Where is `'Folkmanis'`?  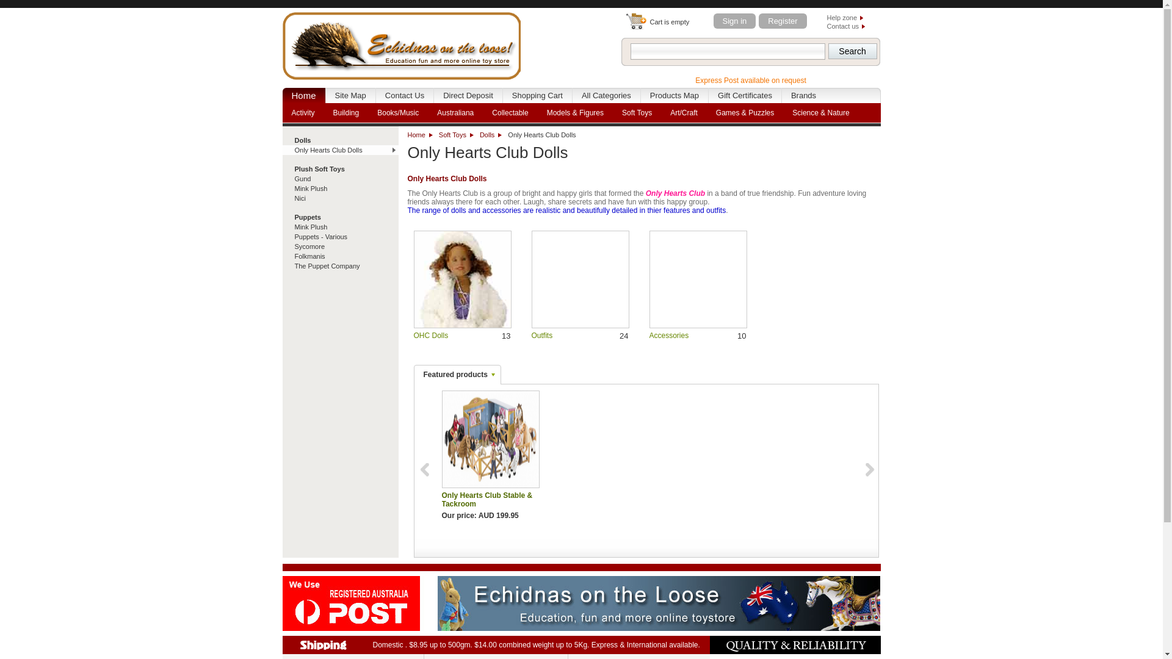 'Folkmanis' is located at coordinates (339, 256).